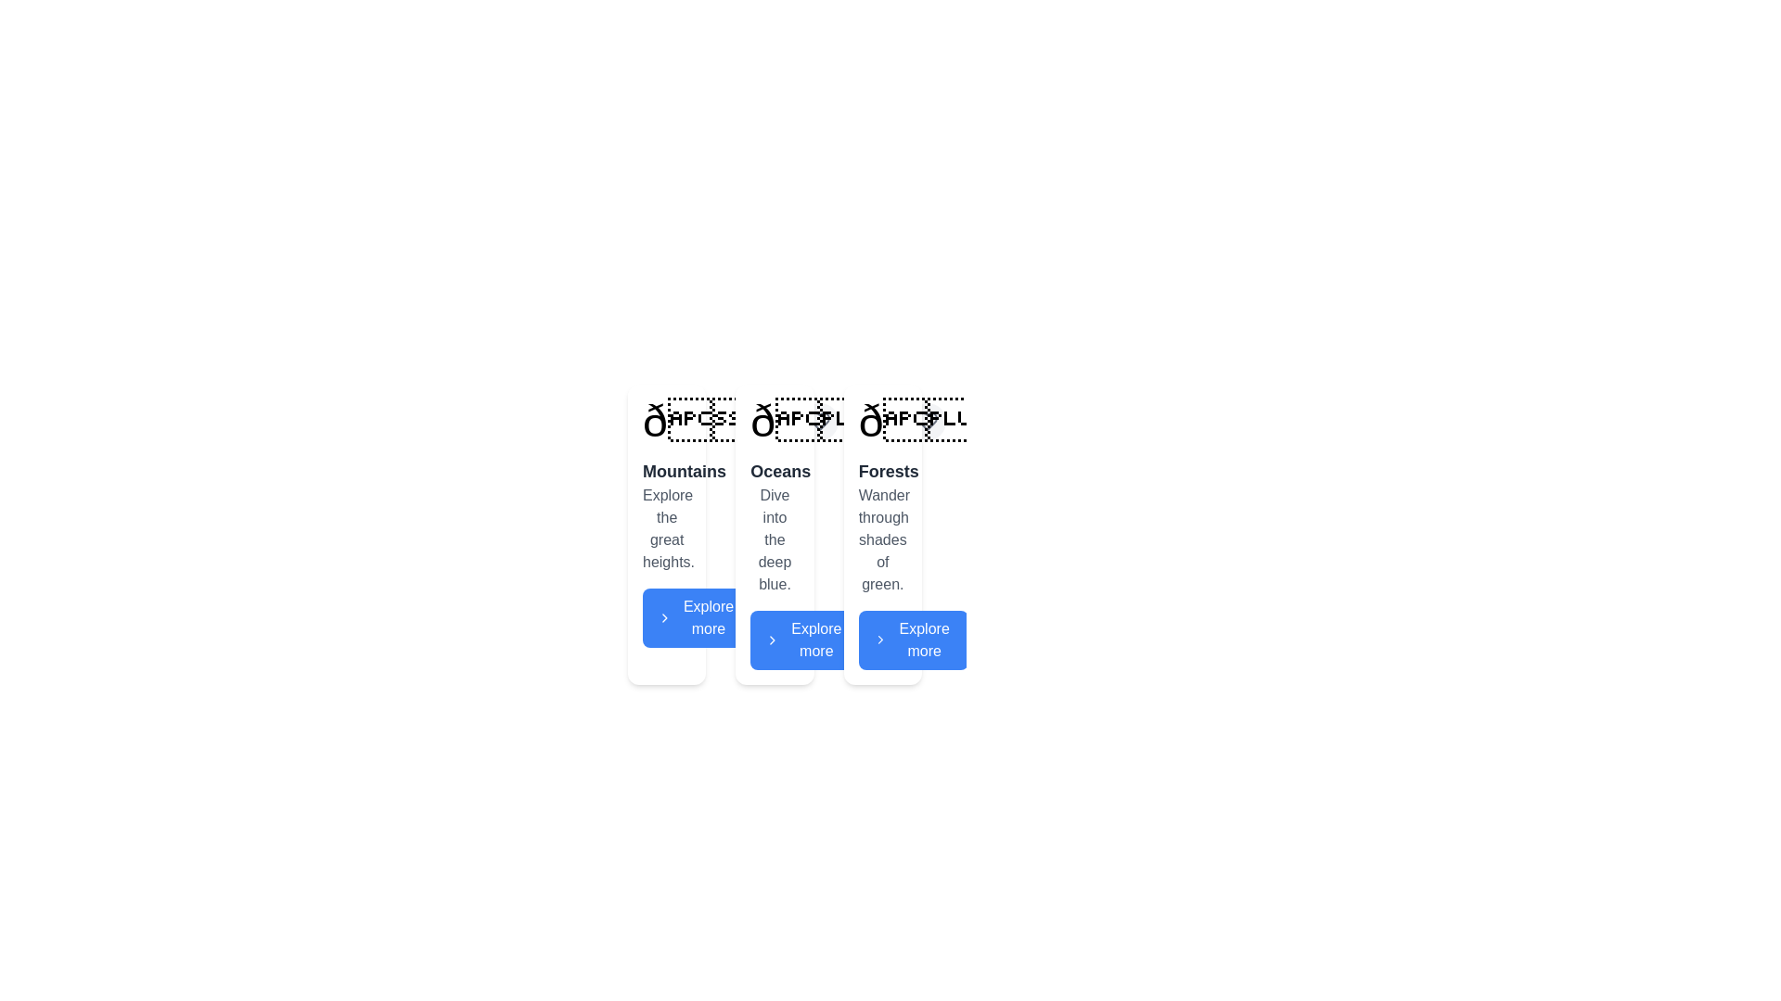  Describe the element at coordinates (818, 422) in the screenshot. I see `the circular button with a heart icon in the 'Oceans' panel` at that location.